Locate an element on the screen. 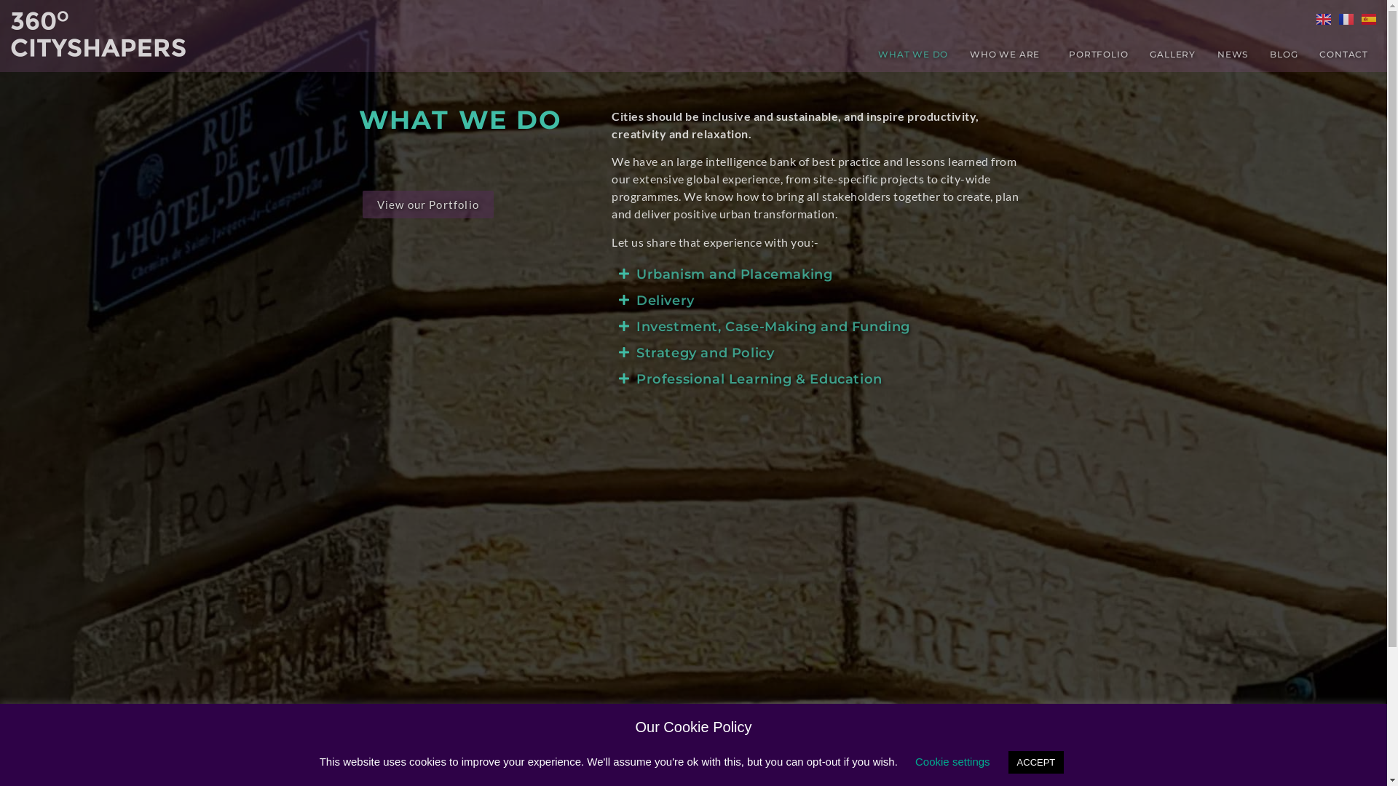  'NEWS' is located at coordinates (1232, 53).